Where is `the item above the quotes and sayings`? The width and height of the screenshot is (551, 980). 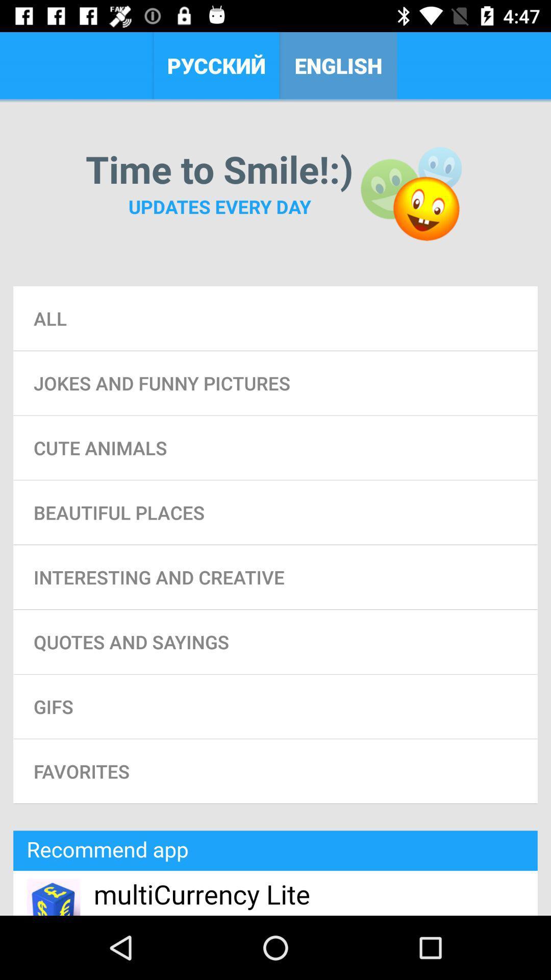
the item above the quotes and sayings is located at coordinates (275, 577).